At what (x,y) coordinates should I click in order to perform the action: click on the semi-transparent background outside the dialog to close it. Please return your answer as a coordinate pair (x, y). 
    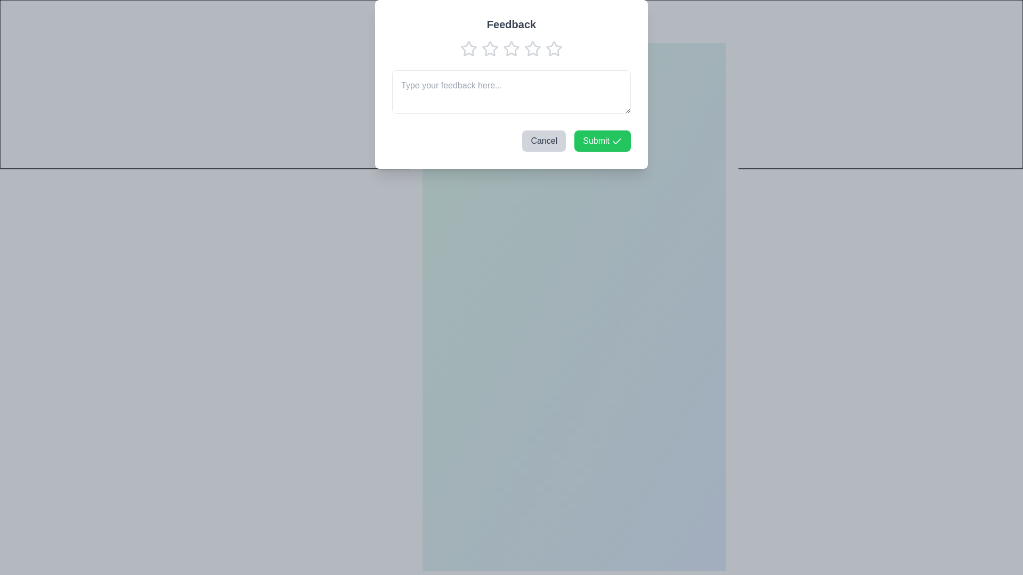
    Looking at the image, I should click on (409, 16).